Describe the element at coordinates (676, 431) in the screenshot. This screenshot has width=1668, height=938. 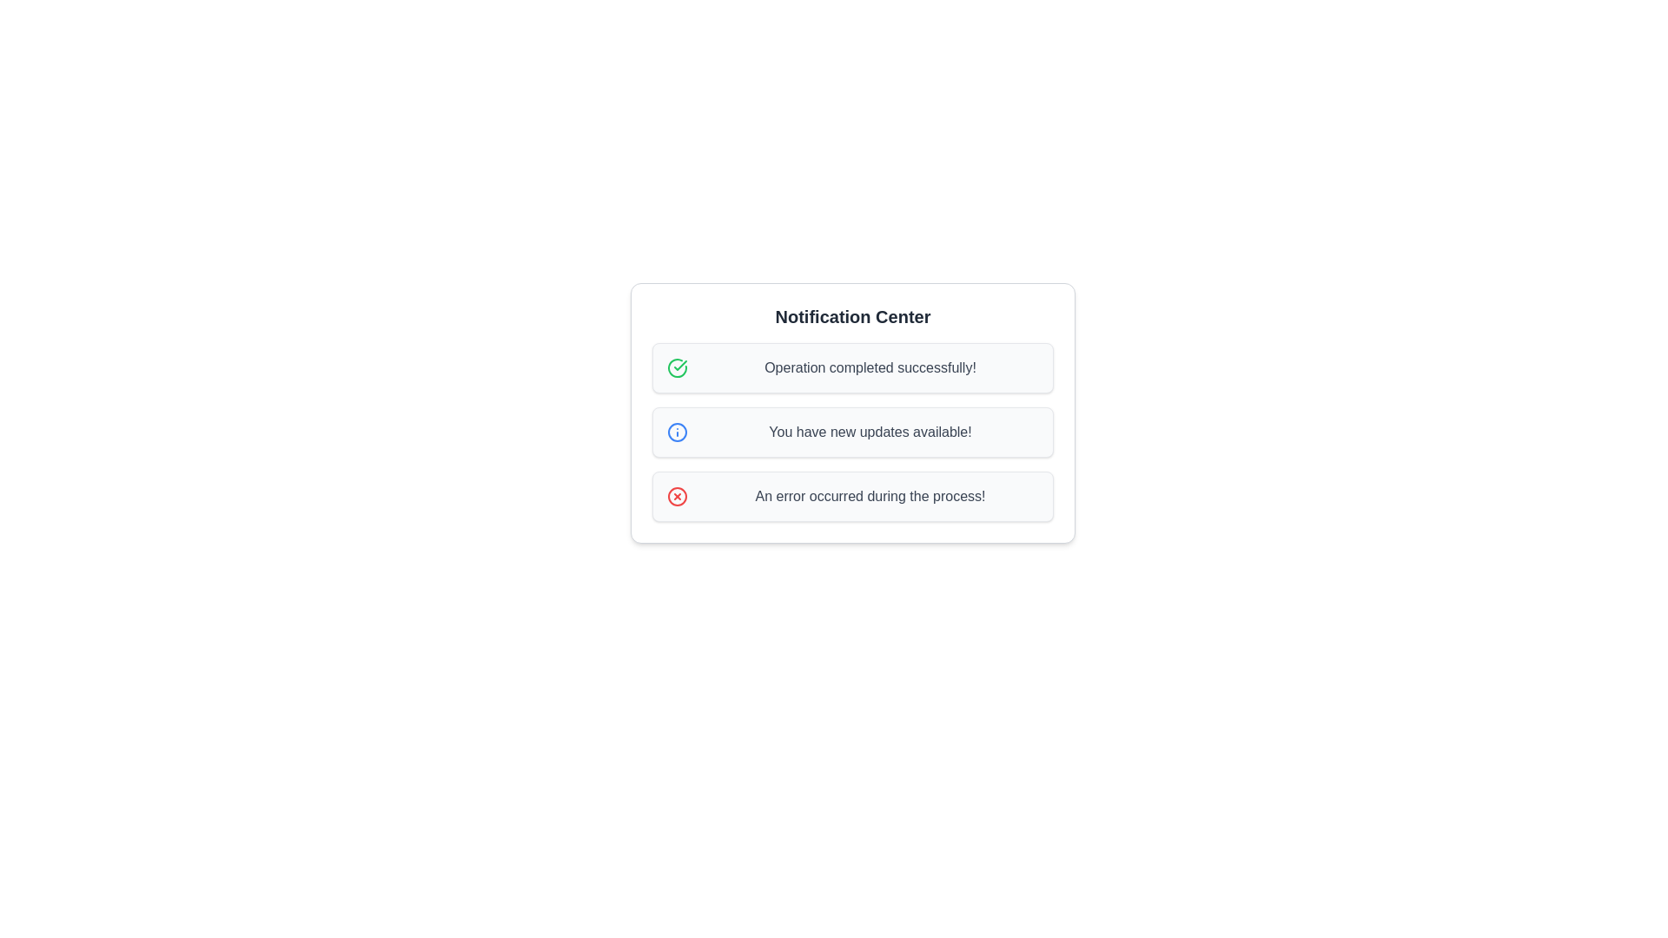
I see `the circular graphic element in the second line's icon from the top in the notification list, which is aligned to the left of the text 'You have new updates available!'` at that location.